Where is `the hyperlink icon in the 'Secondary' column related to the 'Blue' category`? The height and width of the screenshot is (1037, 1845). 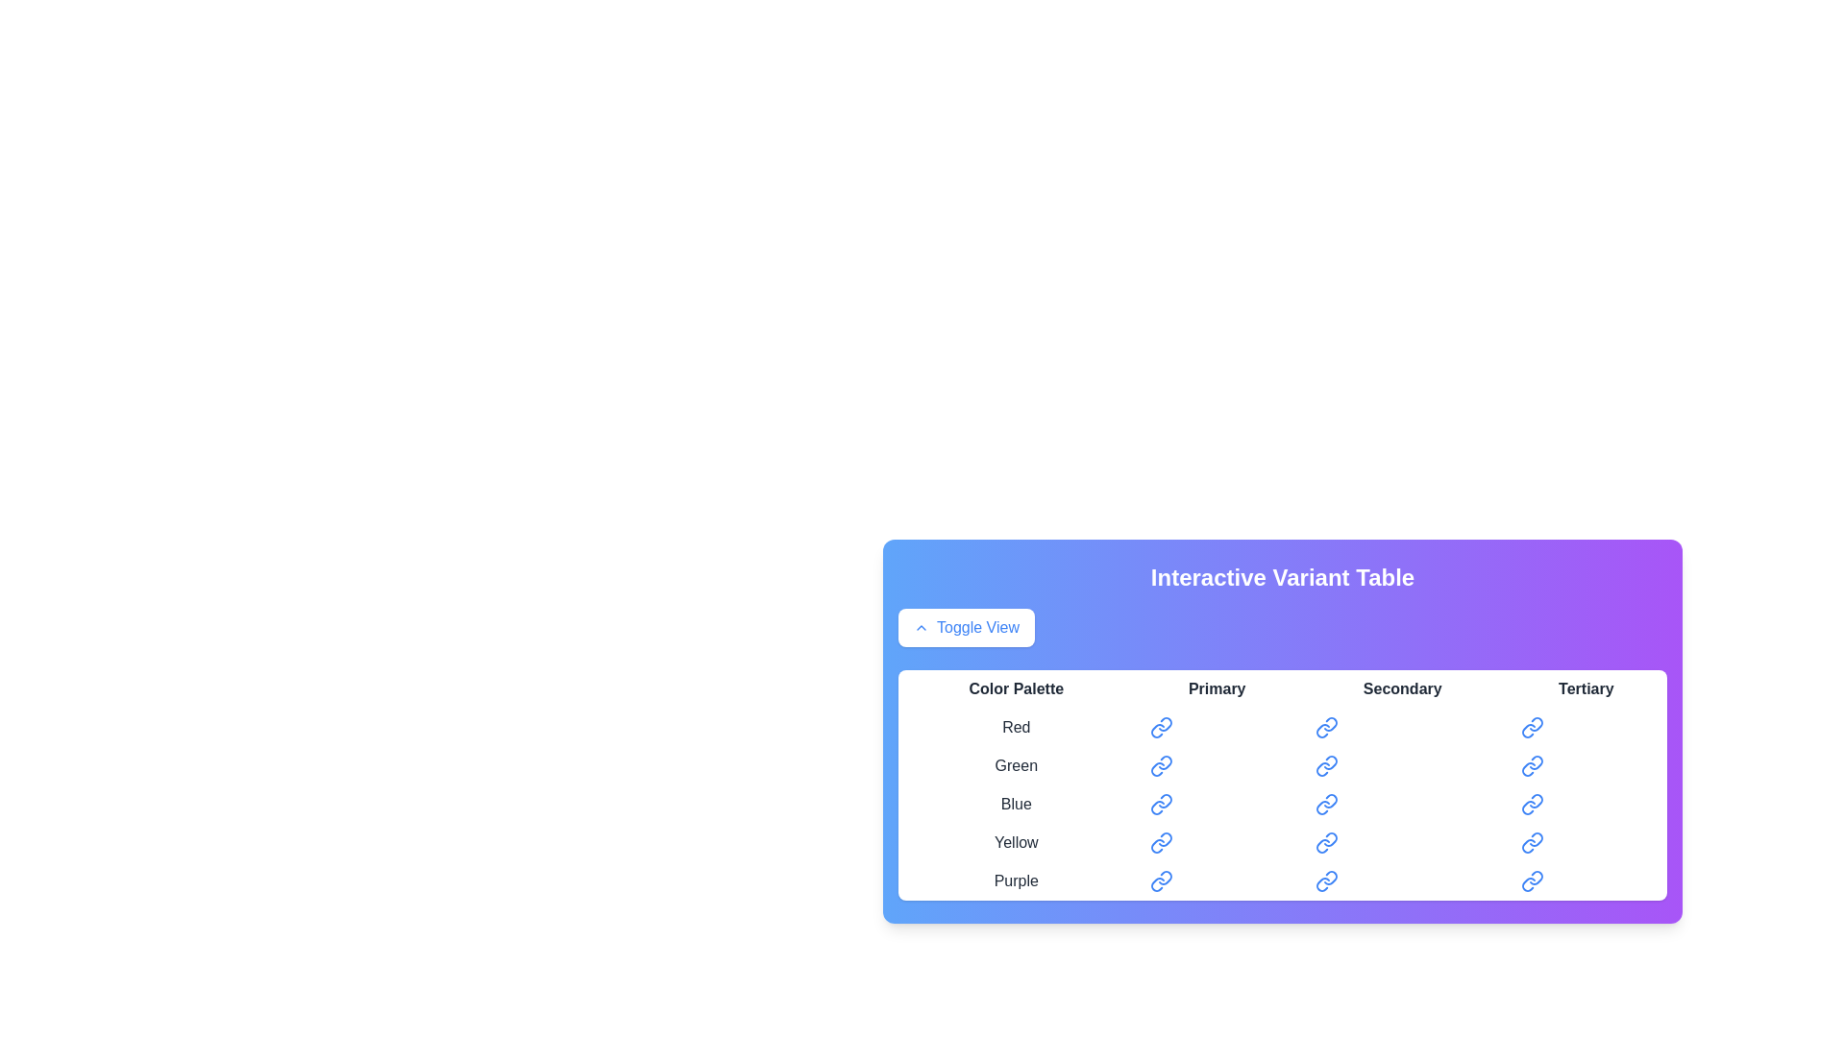
the hyperlink icon in the 'Secondary' column related to the 'Blue' category is located at coordinates (1329, 801).